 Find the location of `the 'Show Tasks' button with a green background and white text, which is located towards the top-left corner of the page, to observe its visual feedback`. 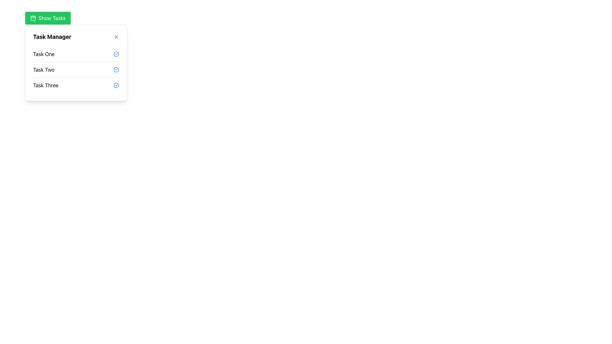

the 'Show Tasks' button with a green background and white text, which is located towards the top-left corner of the page, to observe its visual feedback is located at coordinates (47, 18).